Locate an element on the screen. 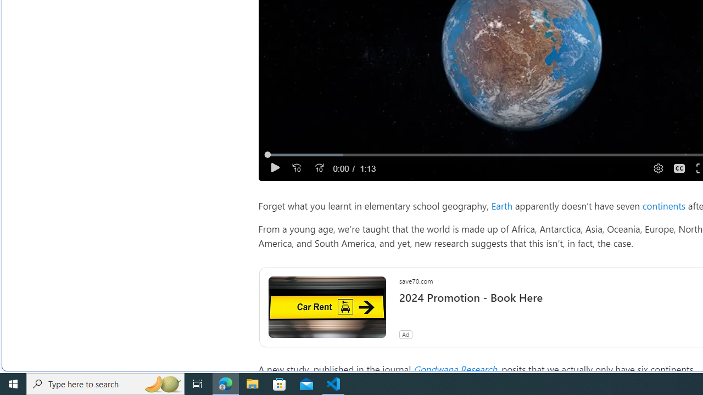  'Earth' is located at coordinates (501, 205).